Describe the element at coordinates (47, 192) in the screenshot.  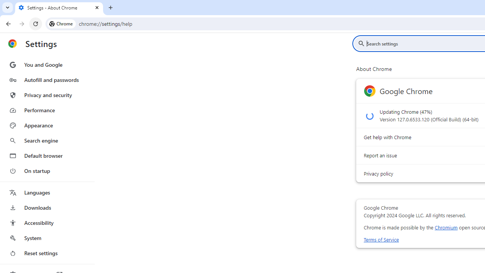
I see `'Languages'` at that location.